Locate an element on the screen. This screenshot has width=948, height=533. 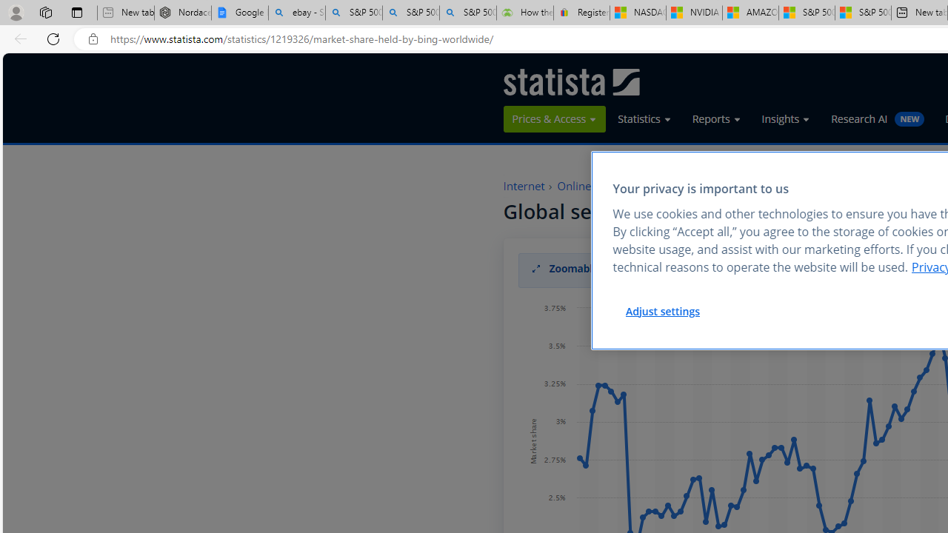
'Research AI' is located at coordinates (878, 118).